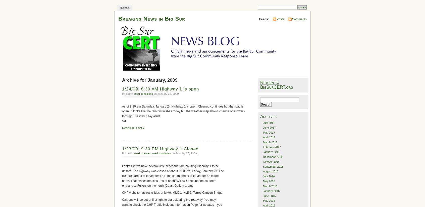  Describe the element at coordinates (170, 176) in the screenshot. I see `'closures are at Mile Marker 12 in the south and at Mile Marker 43 to the'` at that location.